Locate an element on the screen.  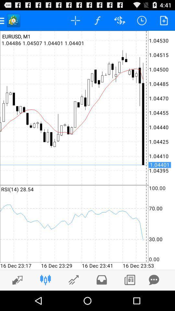
open chat box is located at coordinates (154, 280).